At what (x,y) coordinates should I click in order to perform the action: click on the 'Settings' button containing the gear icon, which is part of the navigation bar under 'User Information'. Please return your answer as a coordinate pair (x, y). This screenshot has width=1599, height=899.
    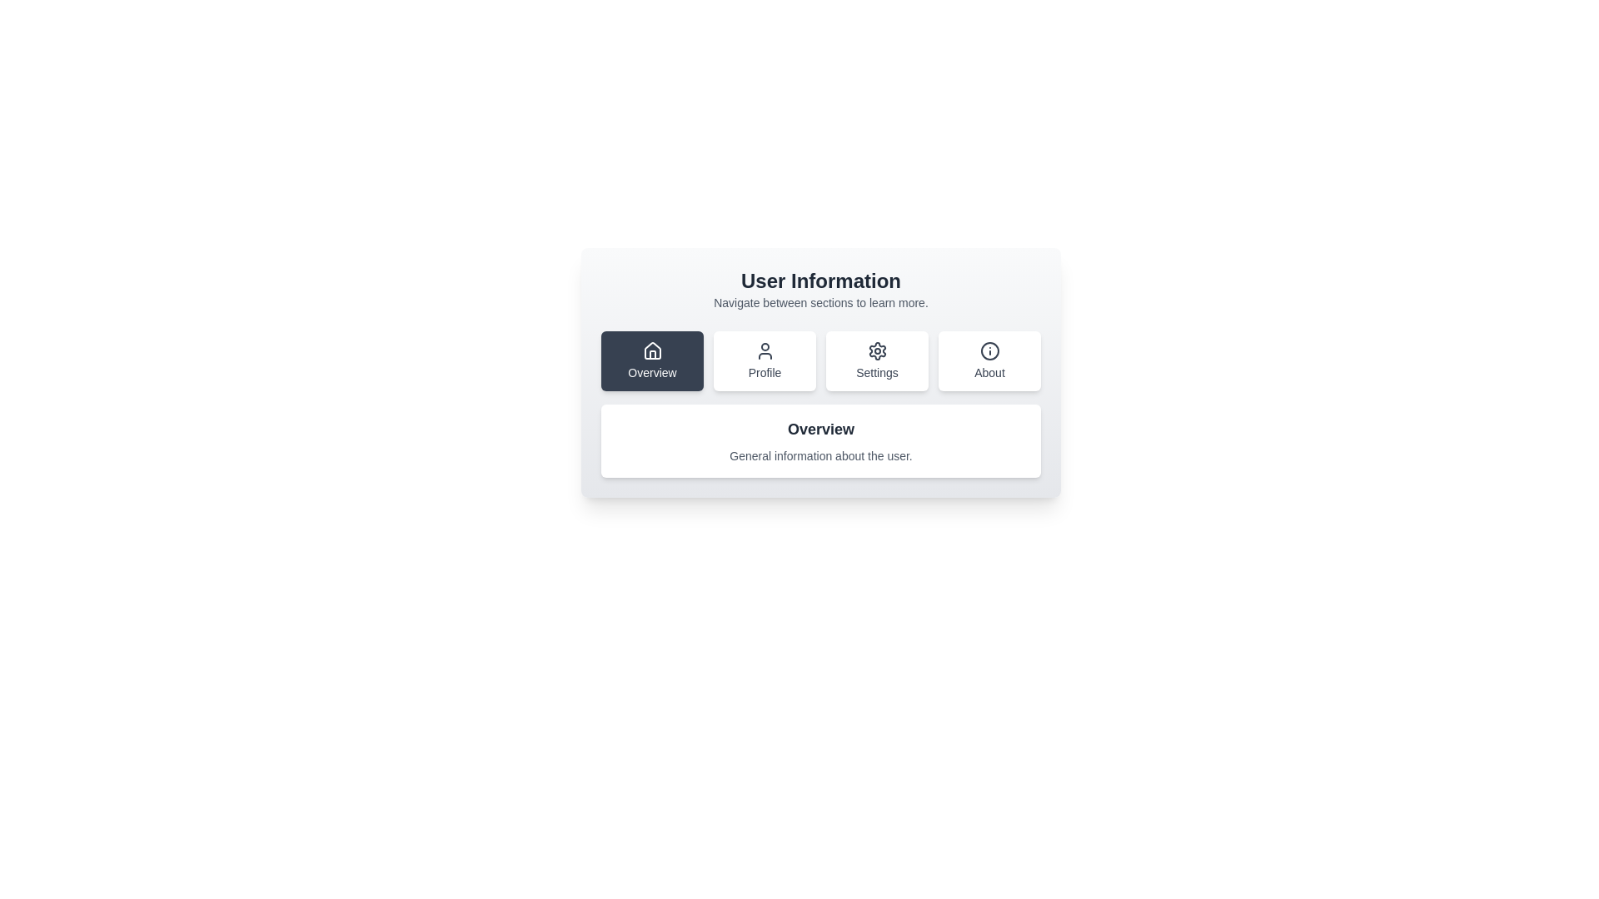
    Looking at the image, I should click on (876, 350).